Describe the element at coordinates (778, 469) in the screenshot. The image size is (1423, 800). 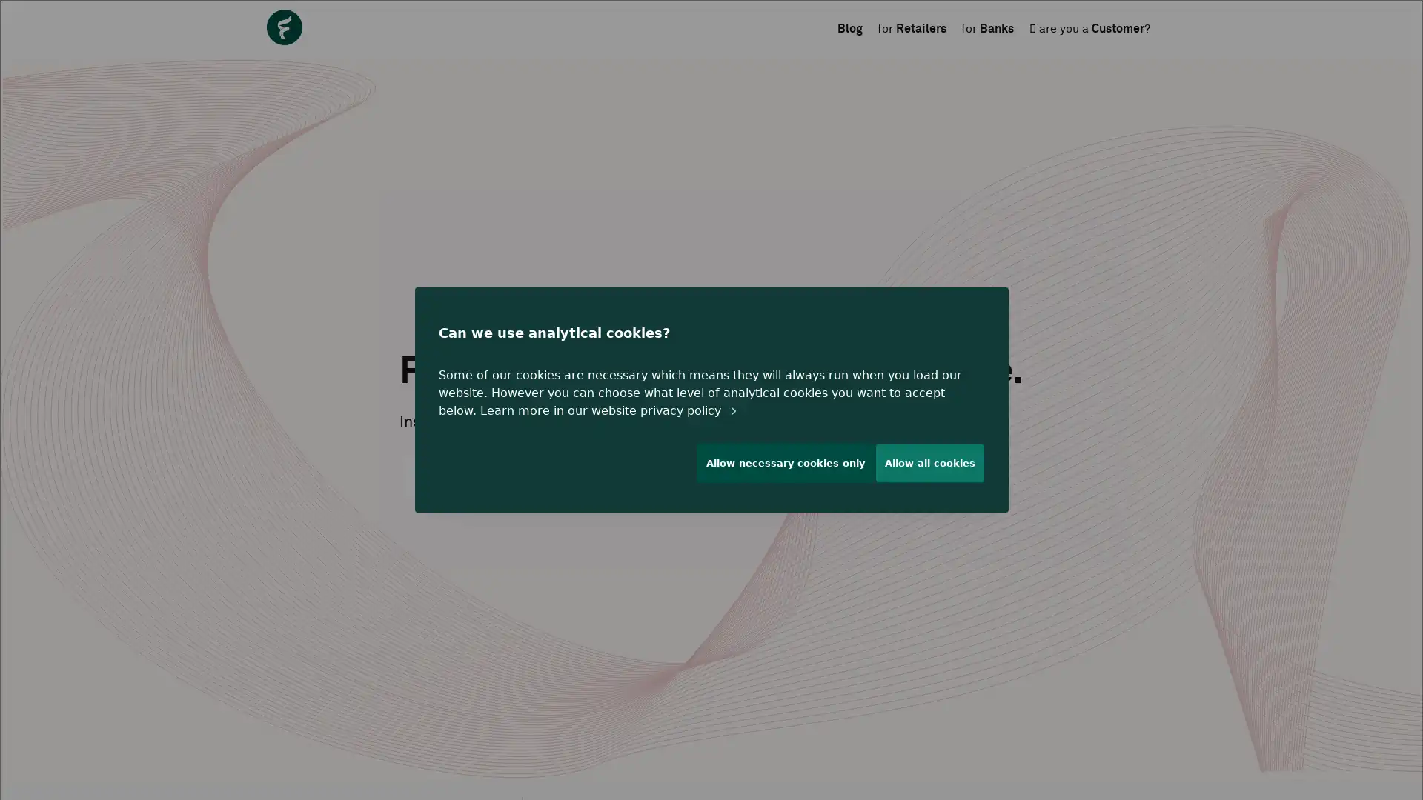
I see `Allow necessary cookies only` at that location.